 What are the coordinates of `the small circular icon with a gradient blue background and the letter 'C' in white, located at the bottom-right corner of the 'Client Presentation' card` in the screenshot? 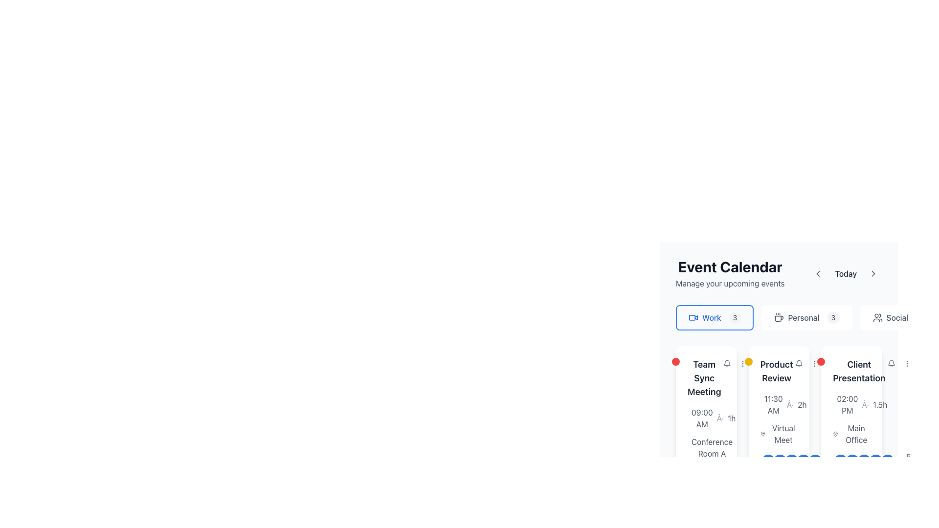 It's located at (864, 462).